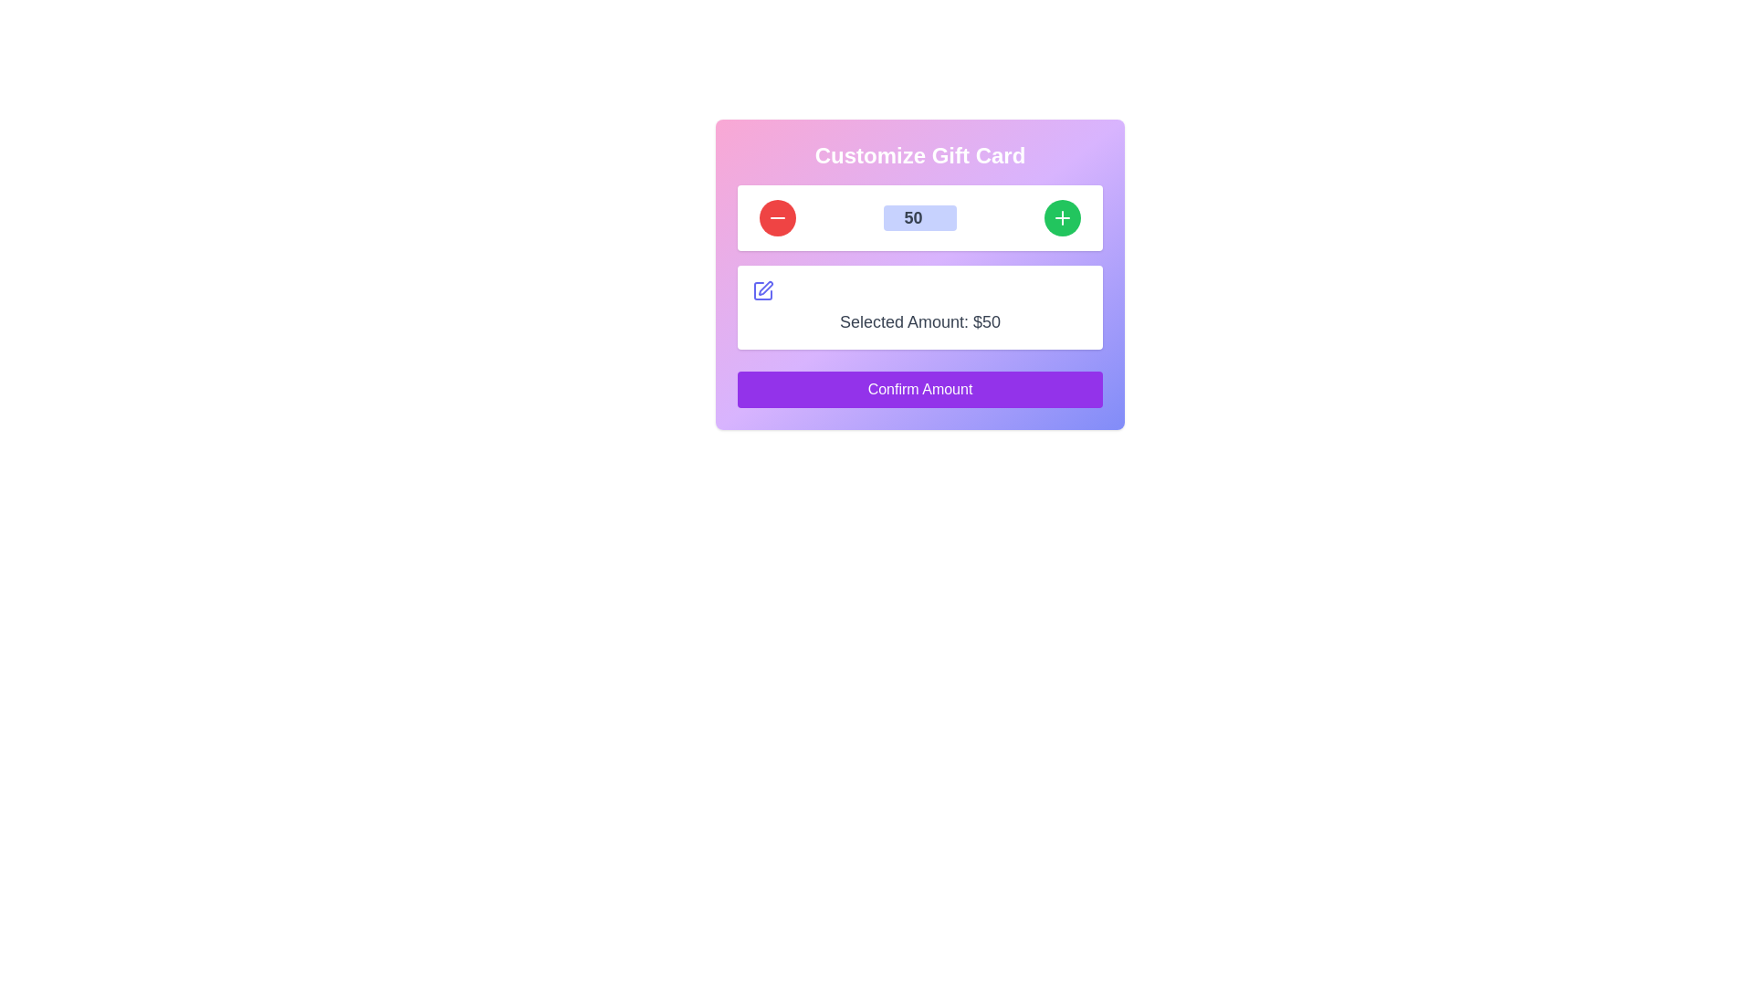  What do you see at coordinates (1062, 217) in the screenshot?
I see `the circular green button with a white 'plus' symbol` at bounding box center [1062, 217].